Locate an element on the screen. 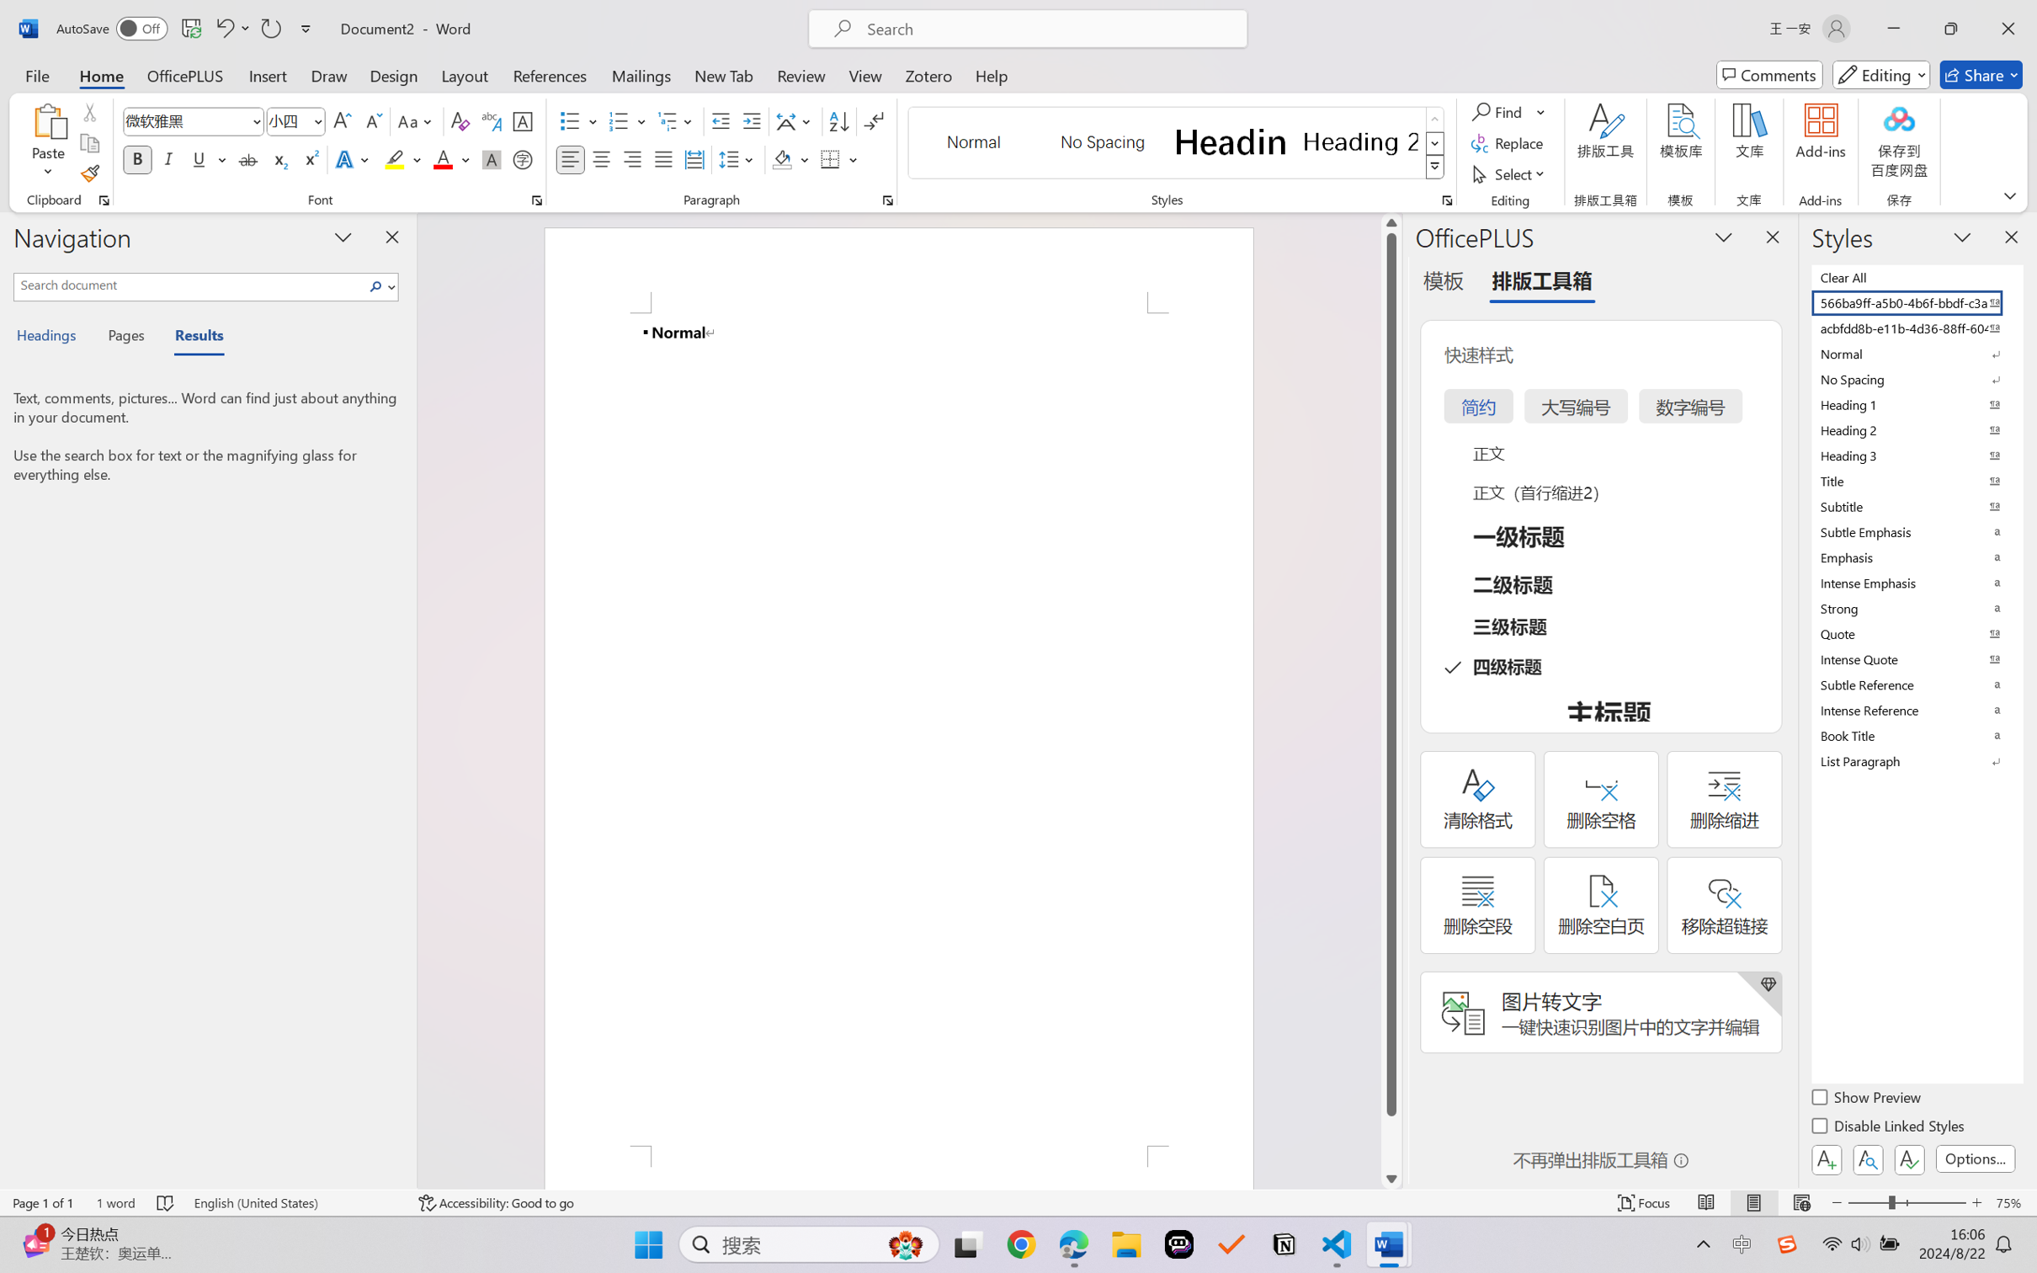 The width and height of the screenshot is (2037, 1273). 'Show Preview' is located at coordinates (1867, 1099).